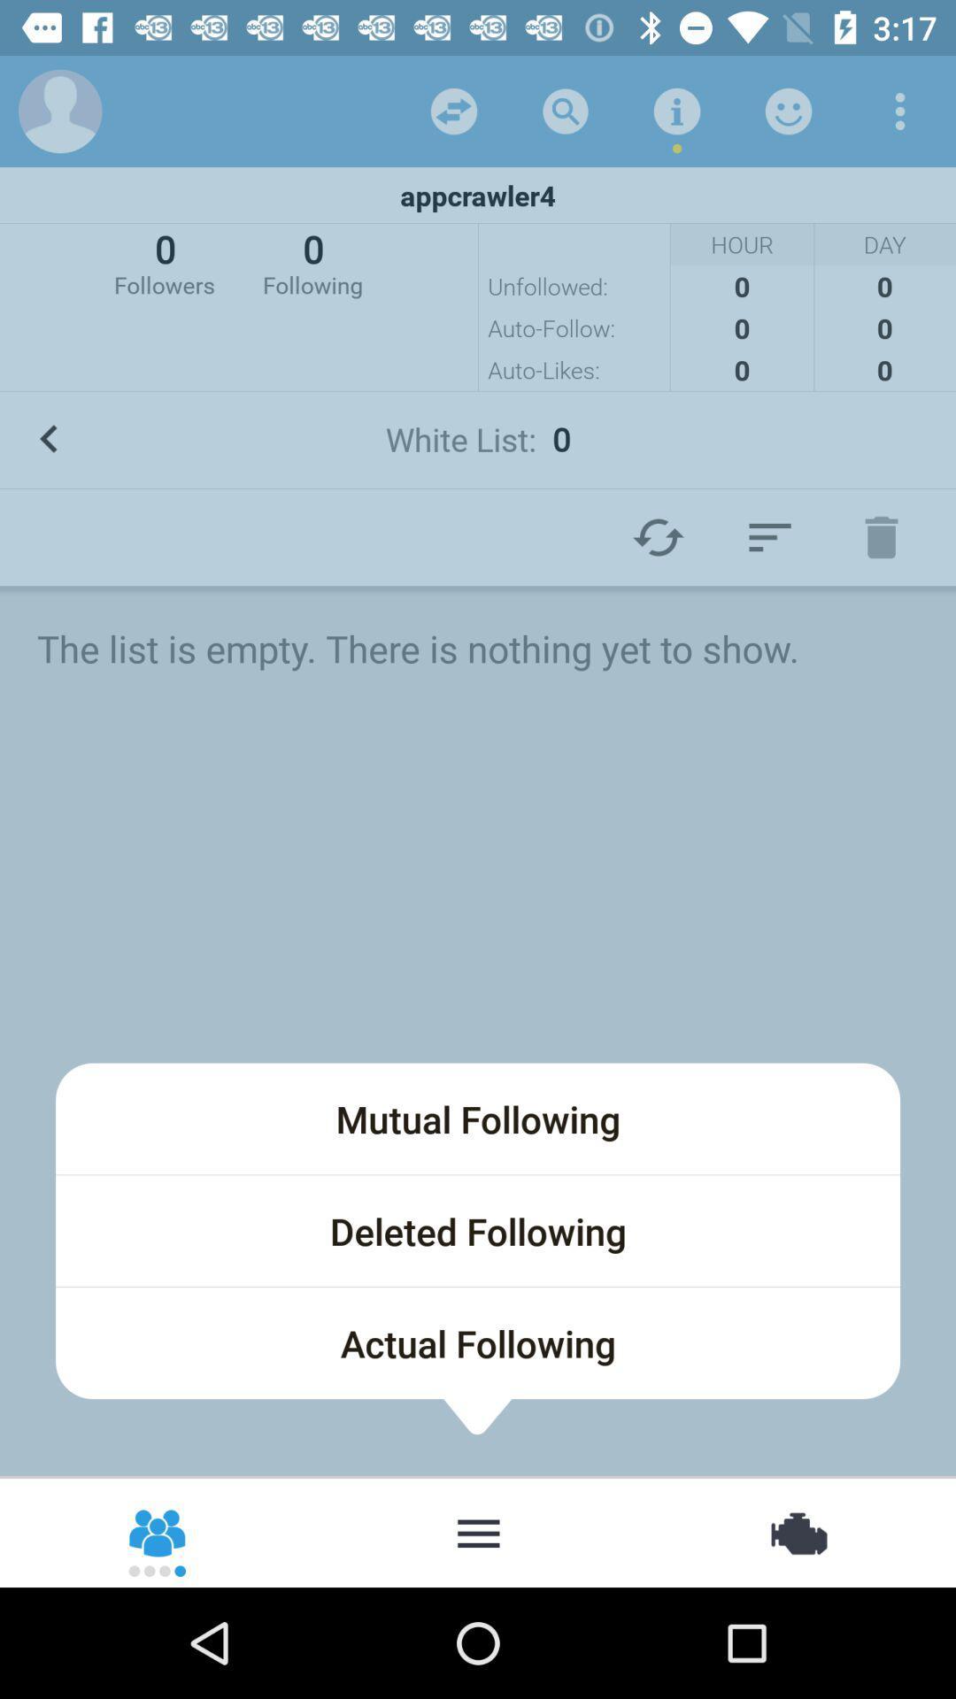  What do you see at coordinates (566, 110) in the screenshot?
I see `search` at bounding box center [566, 110].